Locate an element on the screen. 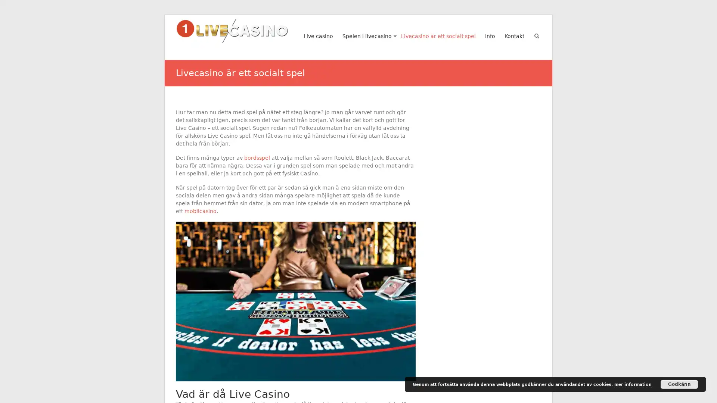  Godkann is located at coordinates (679, 384).